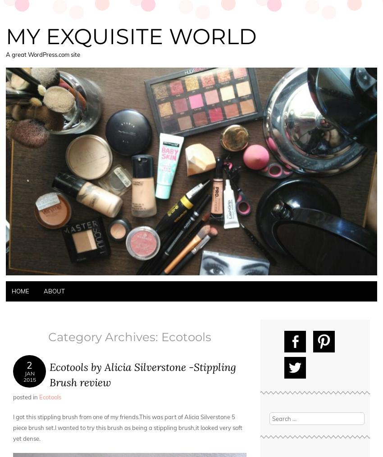  I want to click on '2015', so click(29, 379).